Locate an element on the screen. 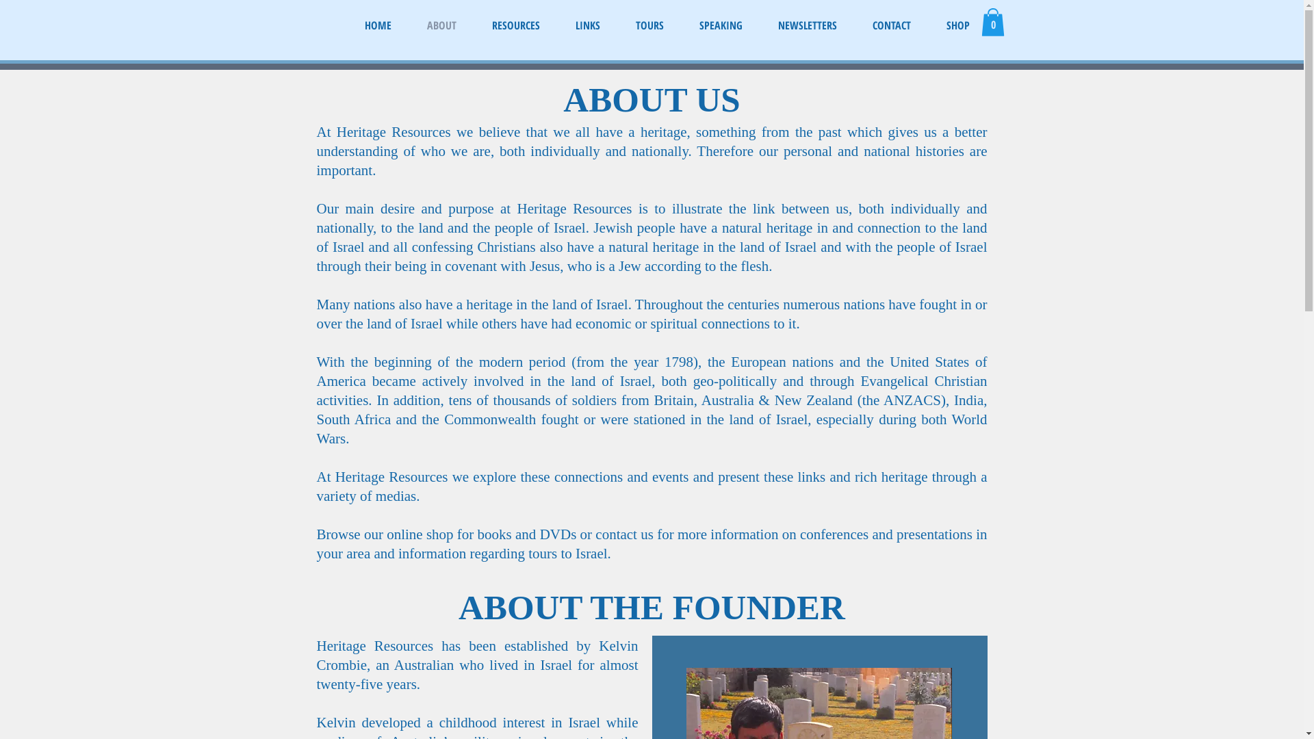 The image size is (1314, 739). 'HOME' is located at coordinates (377, 23).